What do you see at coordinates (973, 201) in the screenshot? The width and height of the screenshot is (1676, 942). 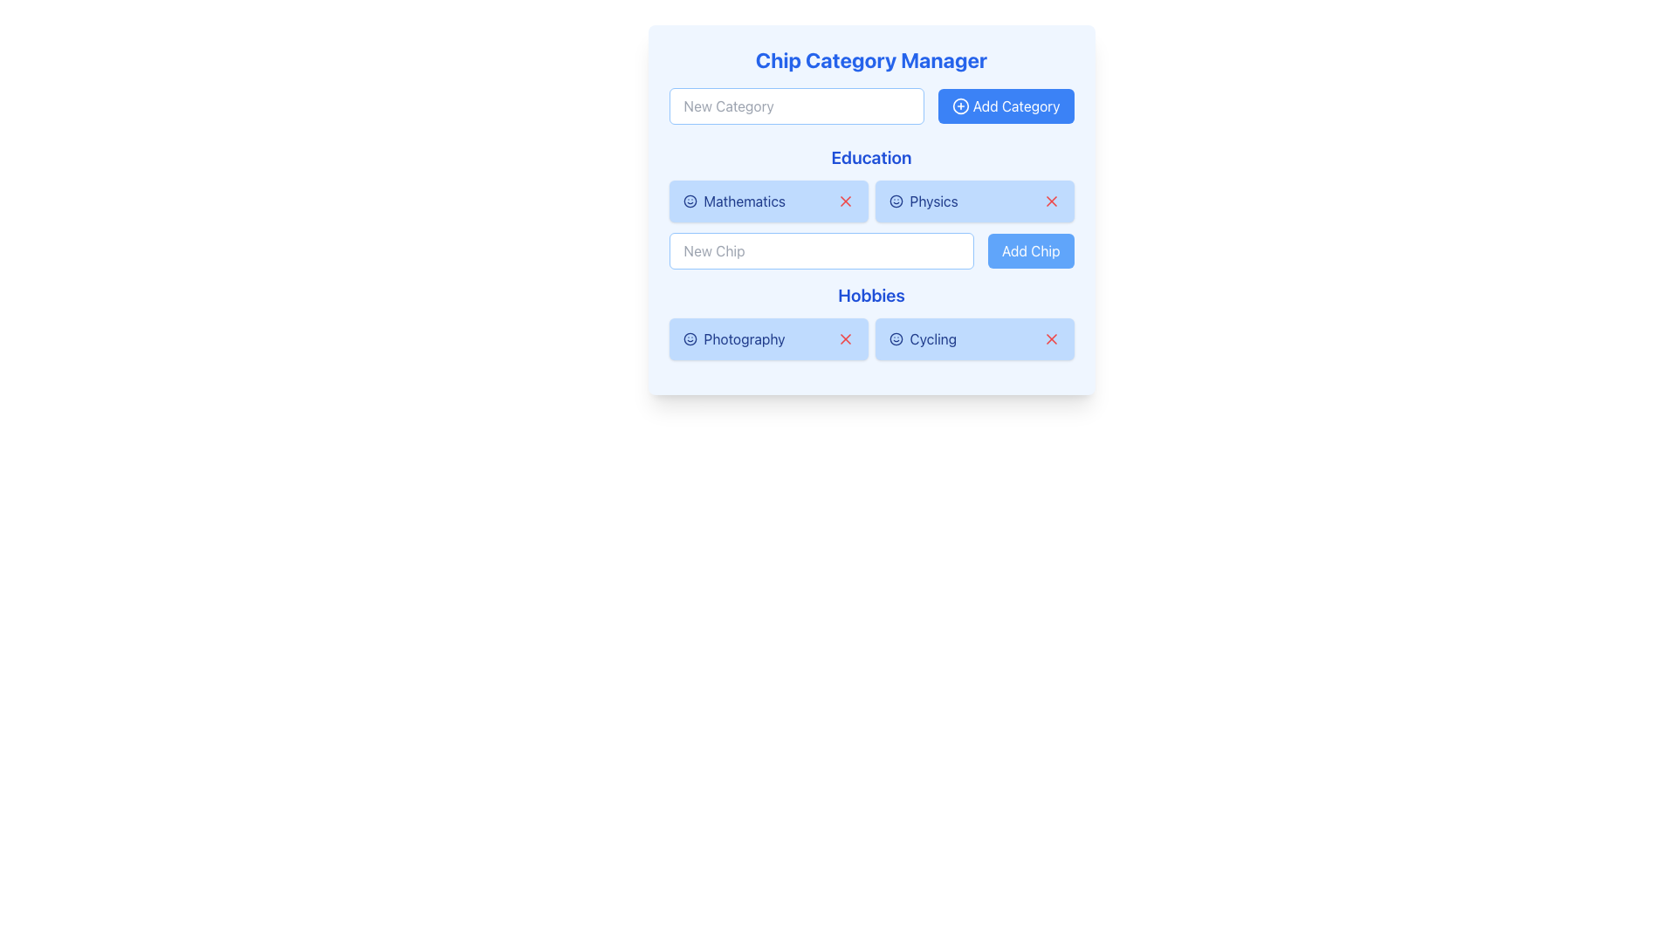 I see `on the 'Physics' Interactive Chip, which is the second item in the 'Education' category group, located` at bounding box center [973, 201].